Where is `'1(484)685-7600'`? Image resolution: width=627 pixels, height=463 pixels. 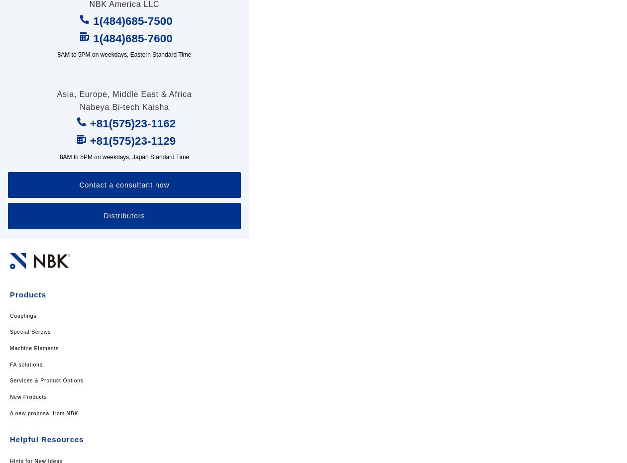 '1(484)685-7600' is located at coordinates (93, 38).